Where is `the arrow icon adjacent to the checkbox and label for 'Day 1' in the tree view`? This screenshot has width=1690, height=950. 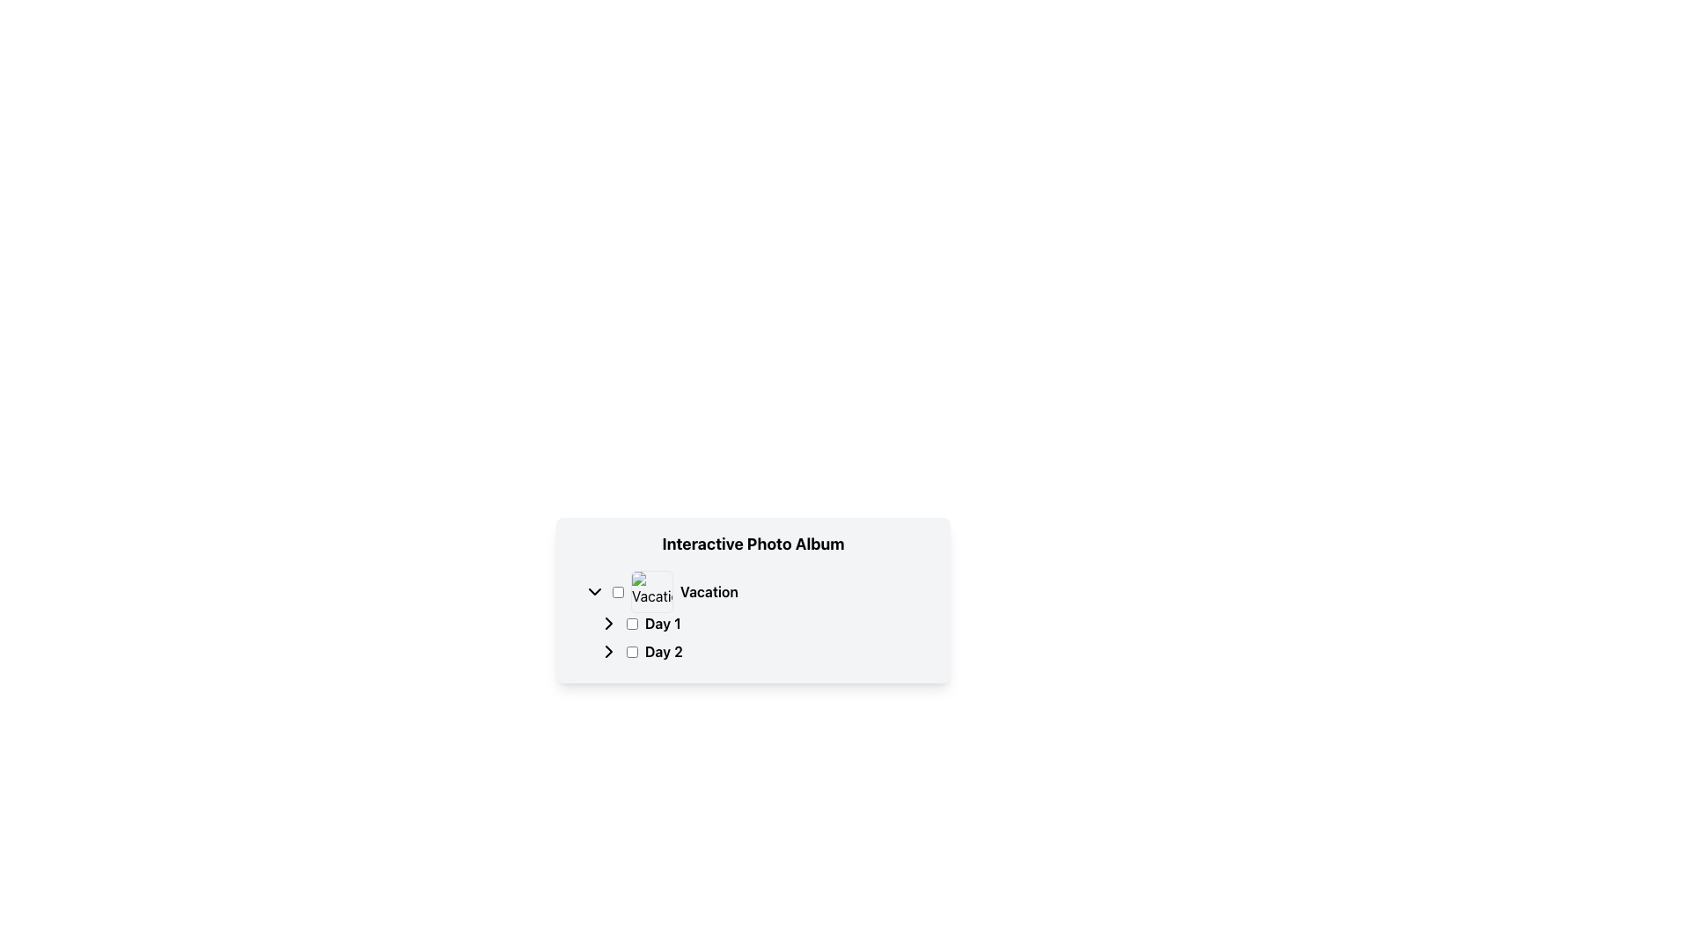
the arrow icon adjacent to the checkbox and label for 'Day 1' in the tree view is located at coordinates (608, 623).